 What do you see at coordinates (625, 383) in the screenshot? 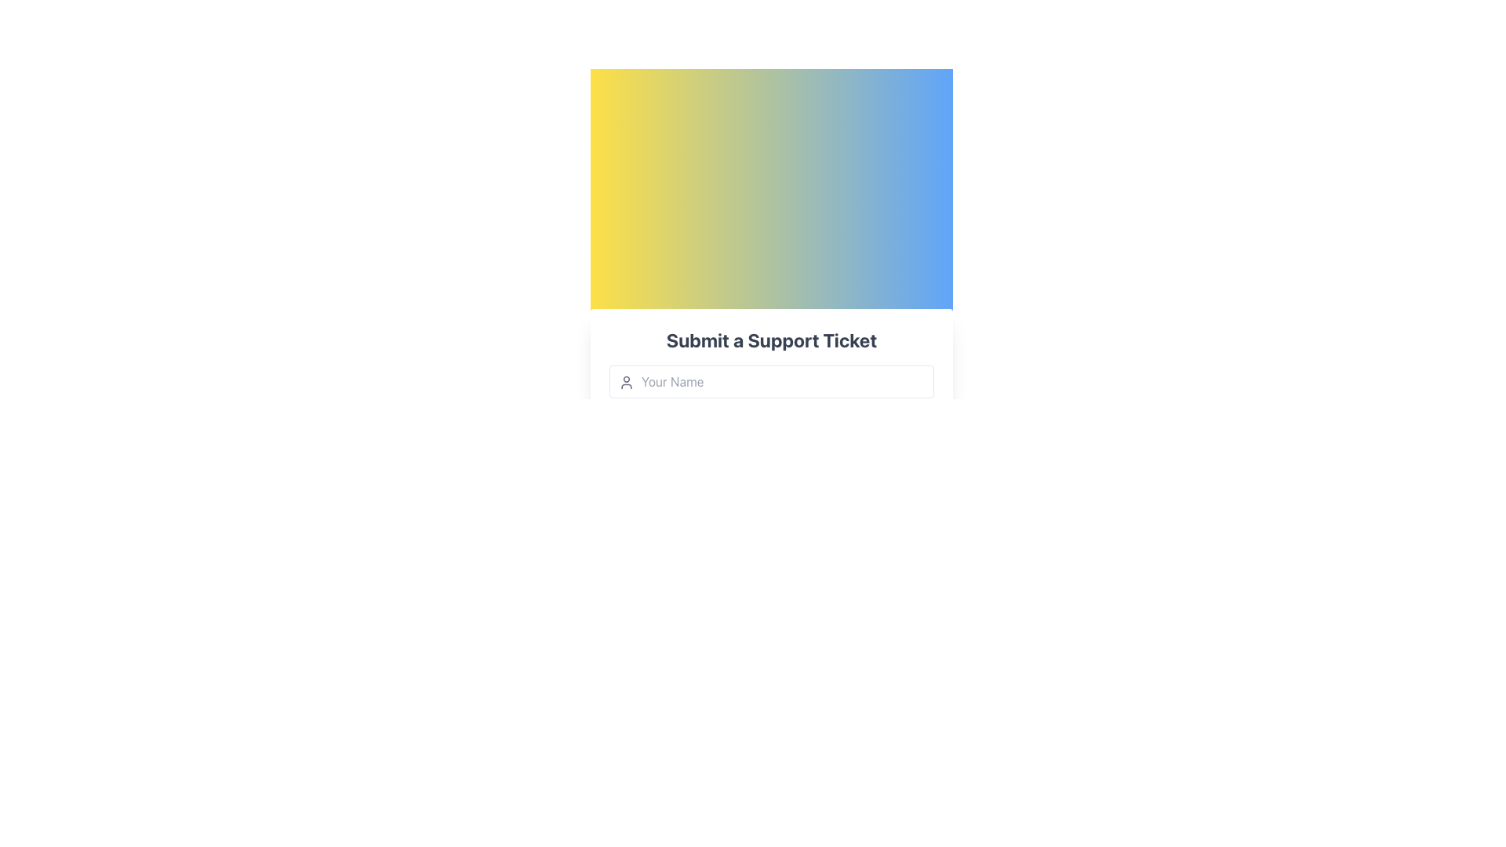
I see `the user icon styled with a gray outline and a transparent fill, located to the left of the 'Your Name' text input field` at bounding box center [625, 383].